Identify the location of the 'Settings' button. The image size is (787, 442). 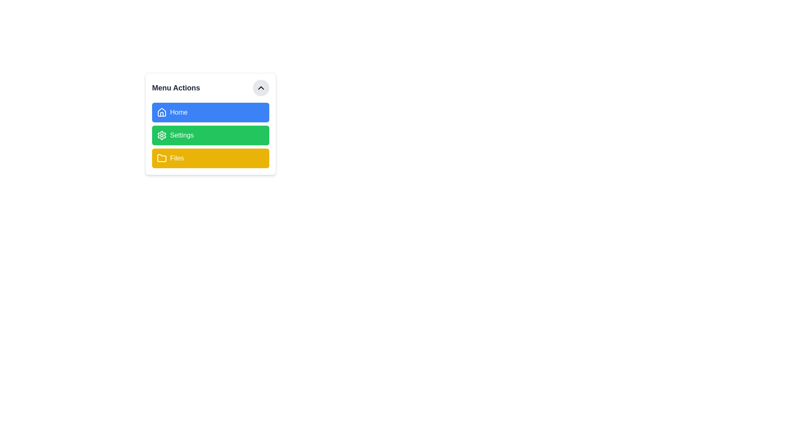
(210, 135).